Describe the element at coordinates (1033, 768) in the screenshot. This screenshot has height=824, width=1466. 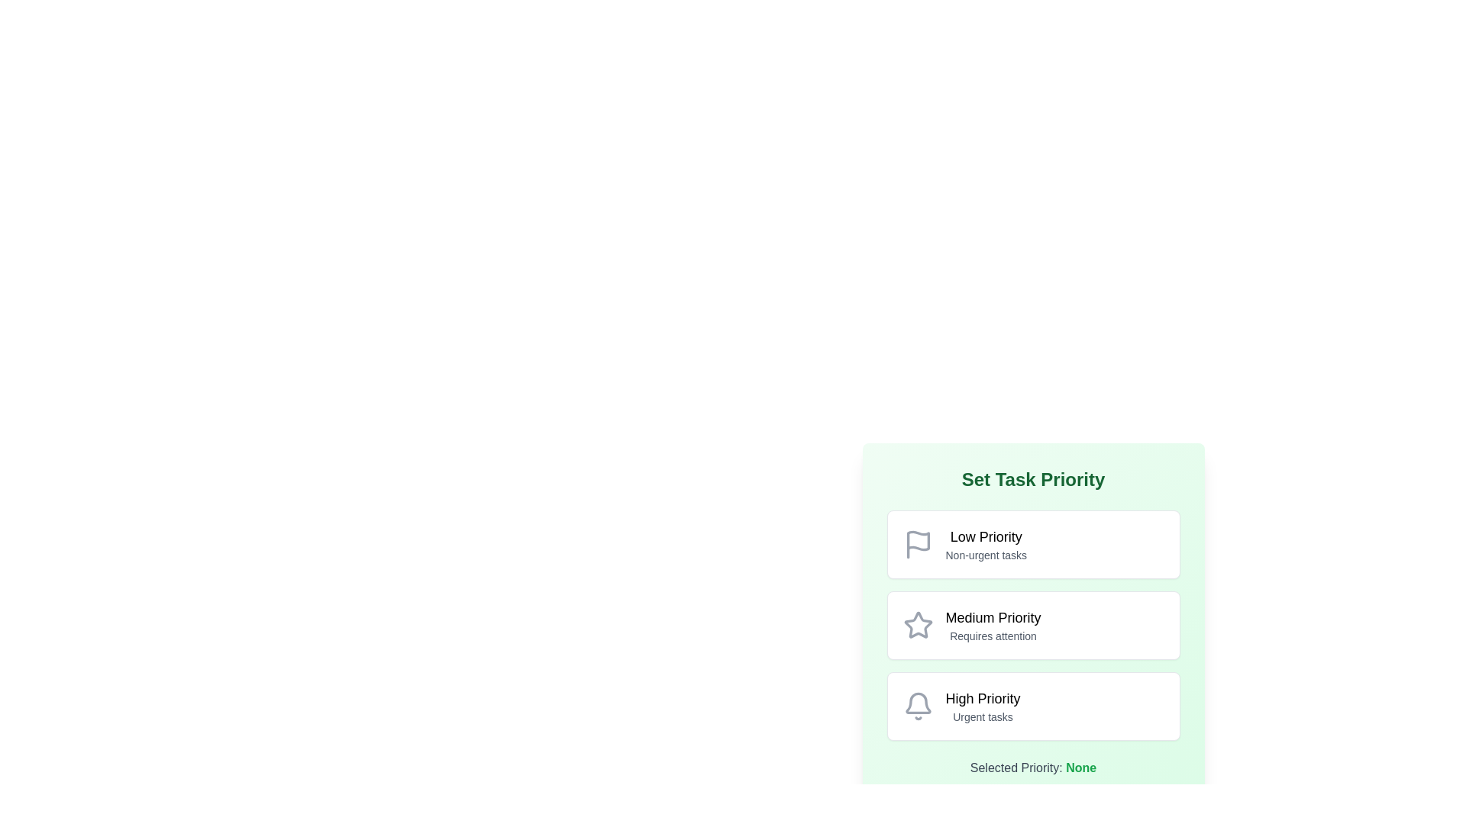
I see `the informational Text Label that displays the currently selected priority status, located at the bottom-center under the 'Set Task Priority' header` at that location.